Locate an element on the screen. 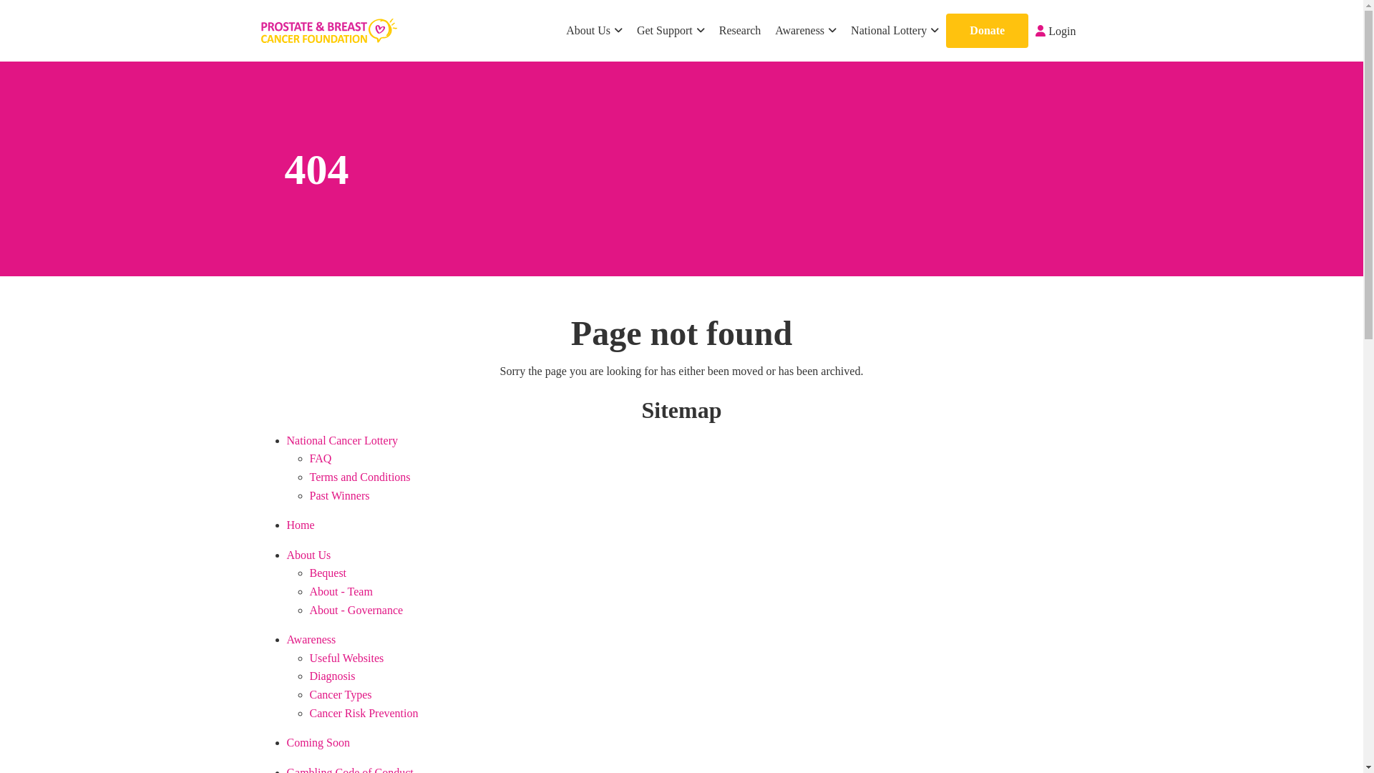 Image resolution: width=1374 pixels, height=773 pixels. 'National Lottery' is located at coordinates (894, 30).